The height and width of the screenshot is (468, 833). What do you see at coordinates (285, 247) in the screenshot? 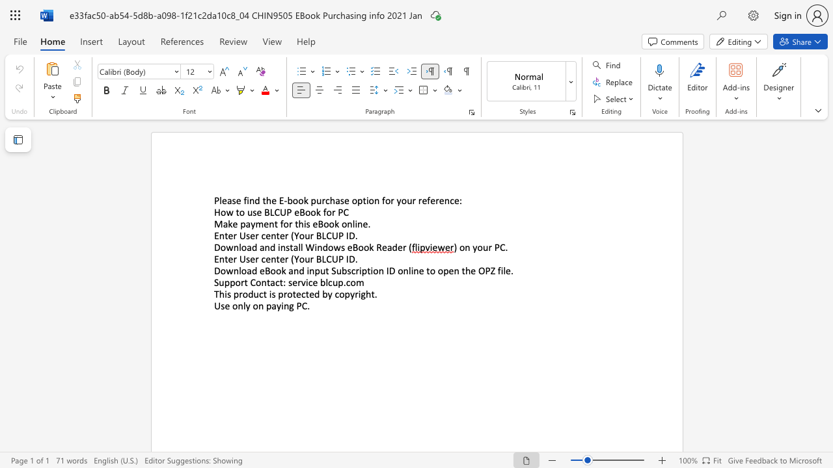
I see `the subset text "stall Windows eBook Rea" within the text "Download and install Windows eBook Reader ("` at bounding box center [285, 247].